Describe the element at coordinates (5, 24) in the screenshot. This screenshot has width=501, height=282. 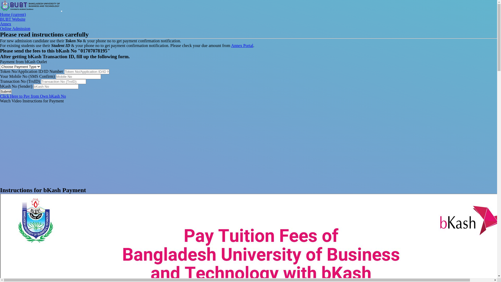
I see `'Annex'` at that location.